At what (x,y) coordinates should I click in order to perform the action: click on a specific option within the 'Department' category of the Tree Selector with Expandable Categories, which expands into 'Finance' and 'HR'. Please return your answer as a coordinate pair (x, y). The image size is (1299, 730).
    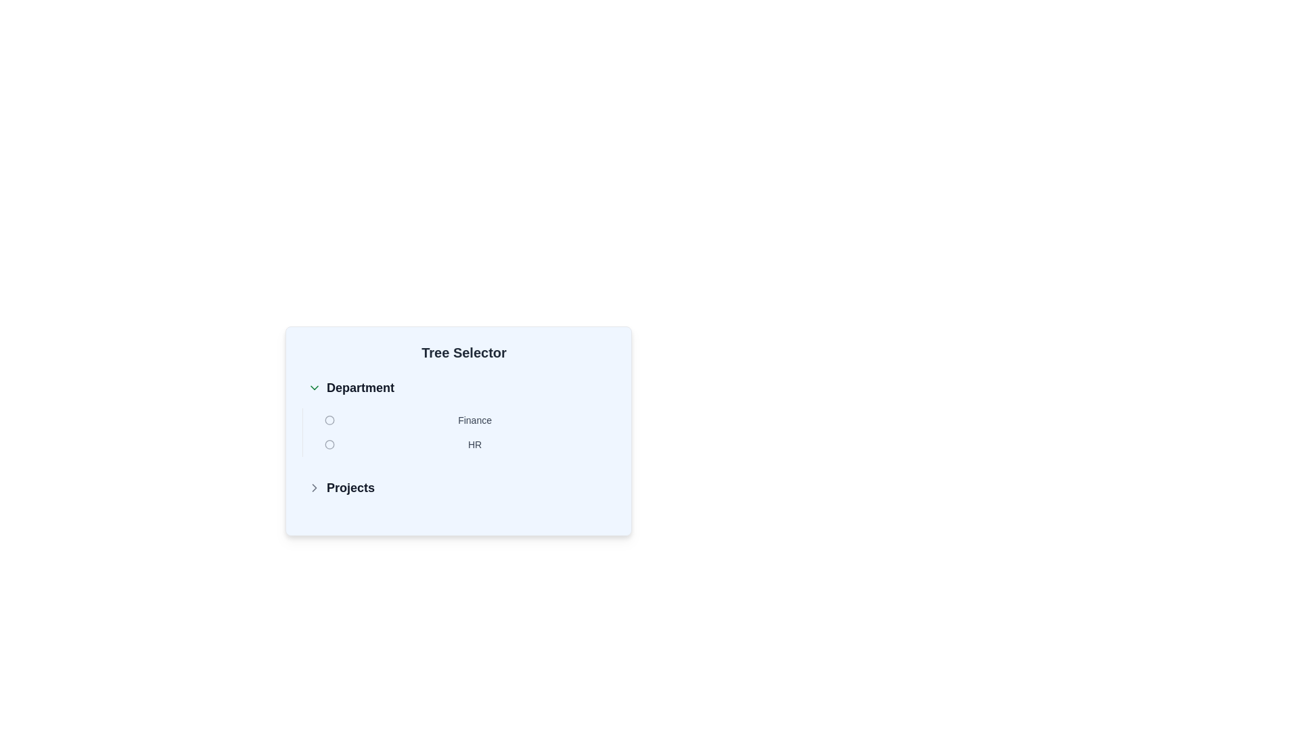
    Looking at the image, I should click on (458, 438).